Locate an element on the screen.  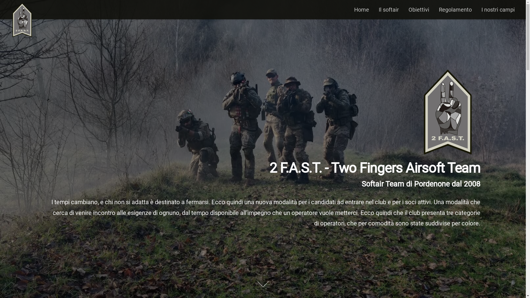
'Regolamento' is located at coordinates (455, 9).